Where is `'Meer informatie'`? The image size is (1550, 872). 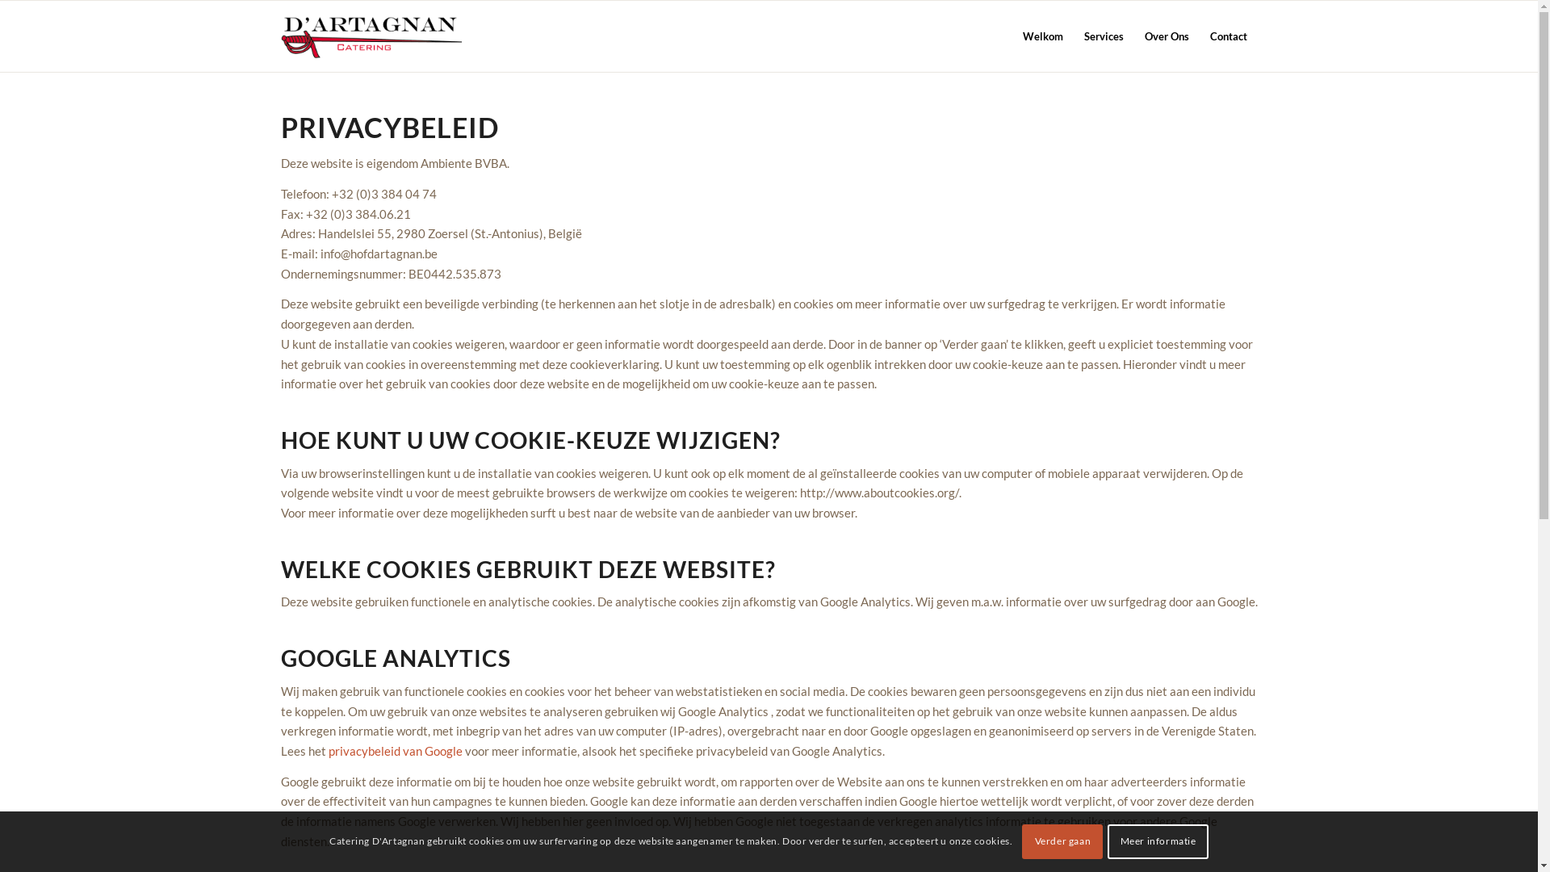
'Meer informatie' is located at coordinates (1107, 840).